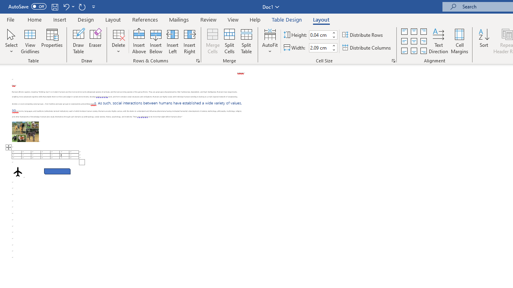 The image size is (513, 288). What do you see at coordinates (79, 41) in the screenshot?
I see `'Draw Table'` at bounding box center [79, 41].